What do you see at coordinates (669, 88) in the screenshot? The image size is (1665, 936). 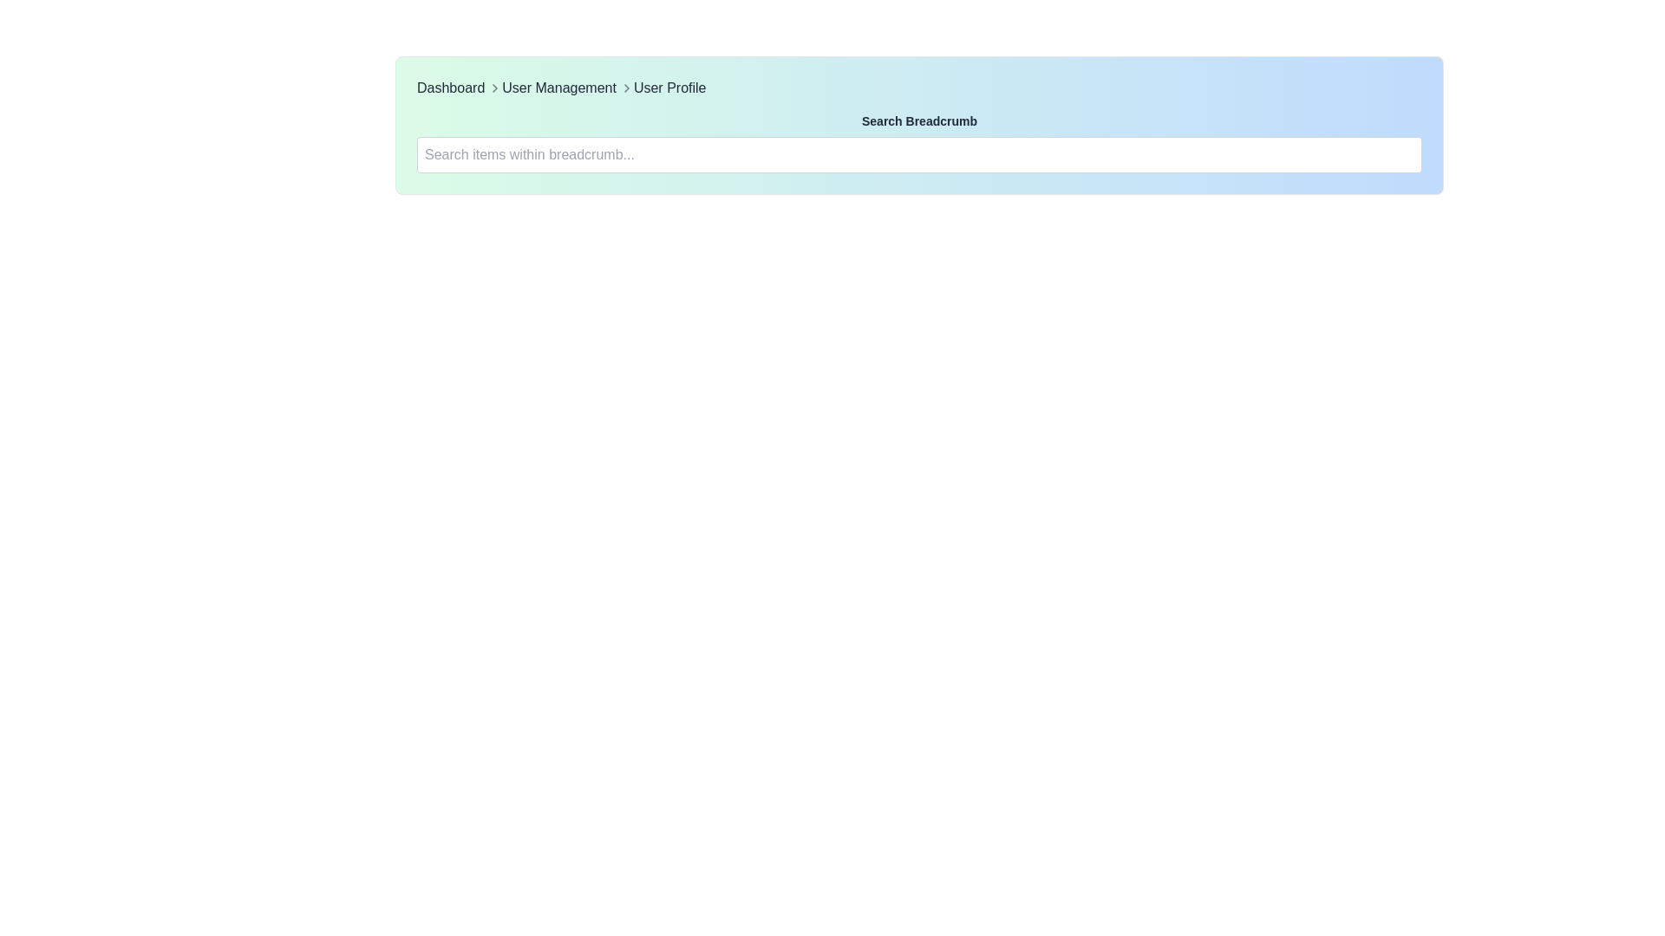 I see `the 'User Profile' hyperlink in the breadcrumb navigation bar` at bounding box center [669, 88].